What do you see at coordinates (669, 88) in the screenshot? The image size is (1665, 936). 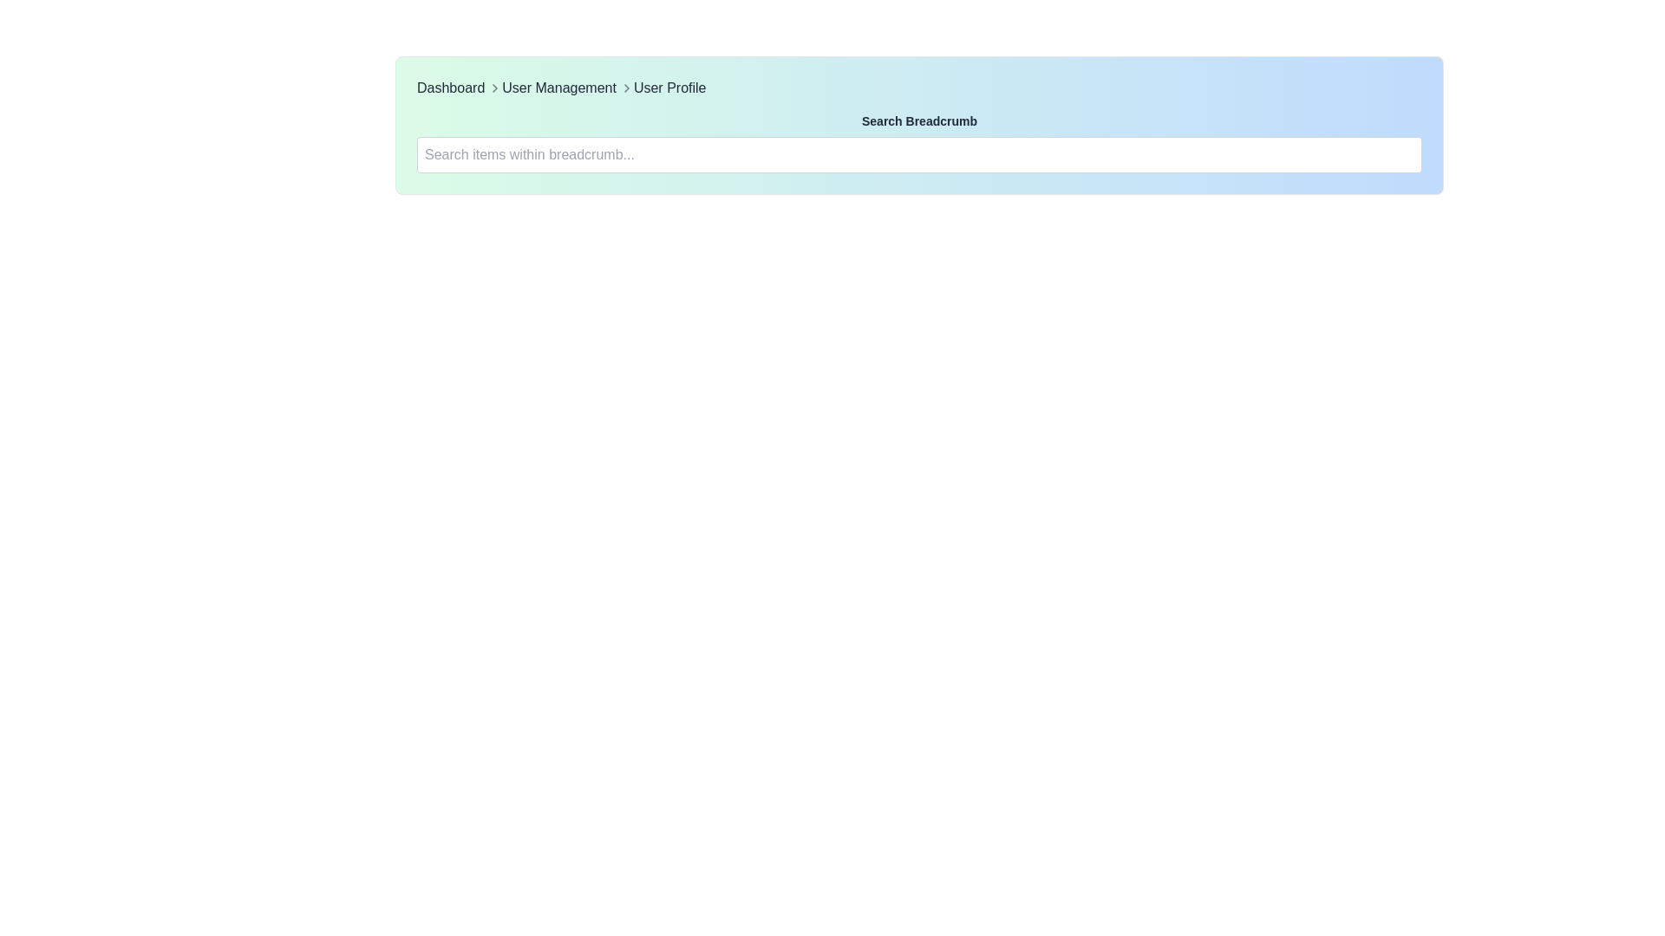 I see `the 'User Profile' hyperlink in the breadcrumb navigation bar` at bounding box center [669, 88].